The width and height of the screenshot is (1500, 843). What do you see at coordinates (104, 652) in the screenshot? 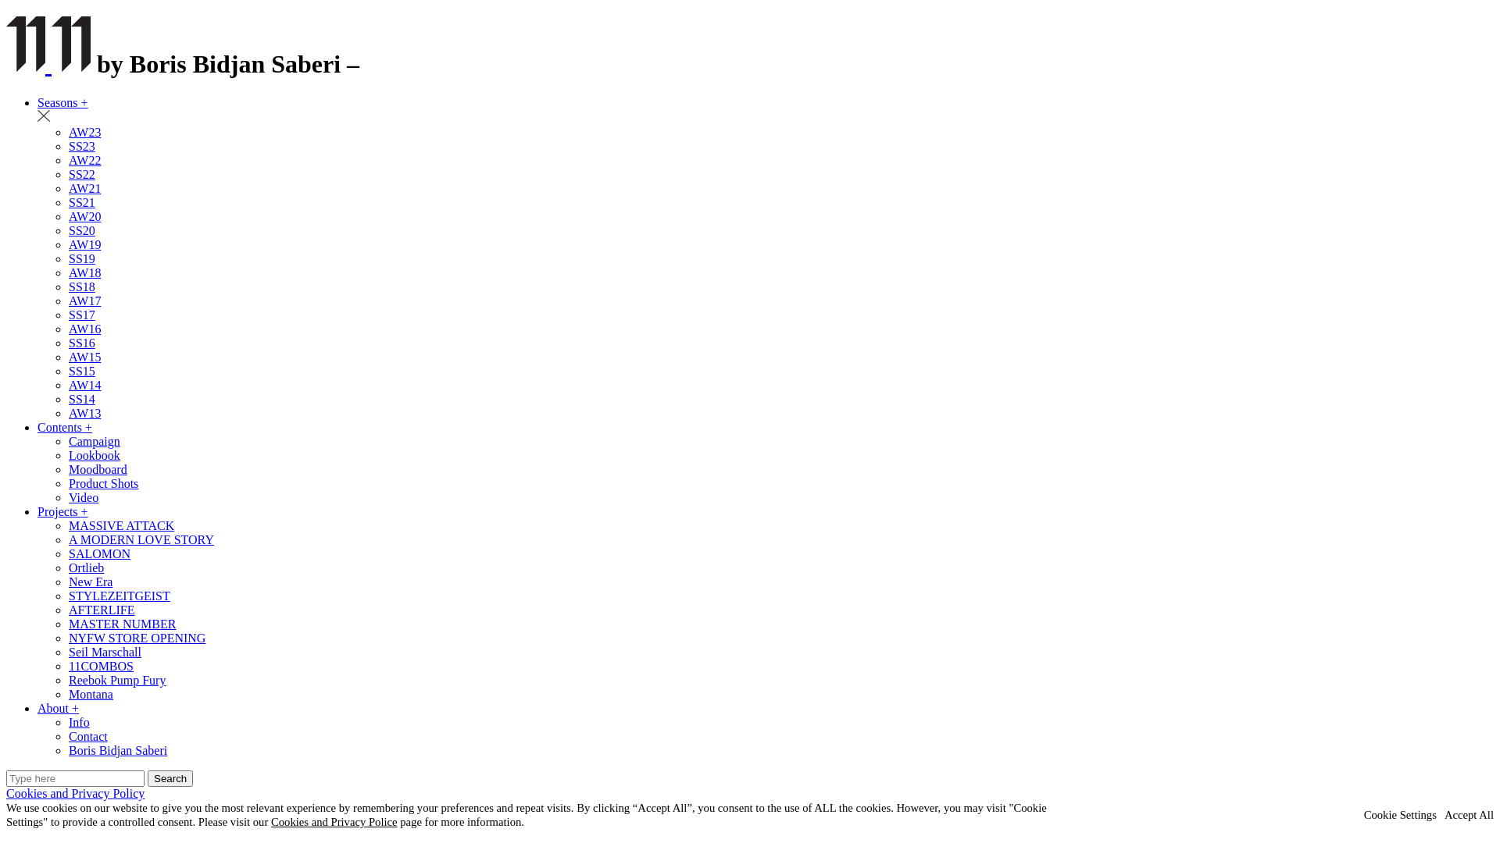
I see `'Seil Marschall'` at bounding box center [104, 652].